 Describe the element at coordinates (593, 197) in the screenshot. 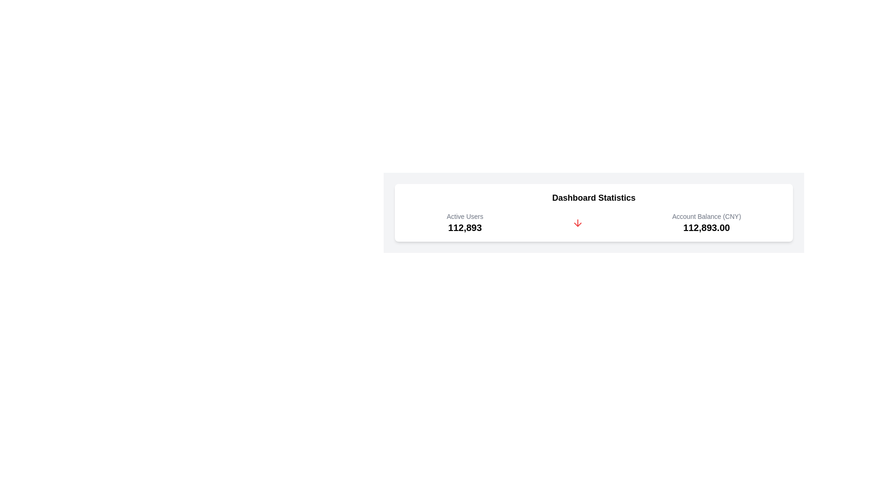

I see `text of the bold header element displaying 'Dashboard Statistics' at the top of the white card` at that location.